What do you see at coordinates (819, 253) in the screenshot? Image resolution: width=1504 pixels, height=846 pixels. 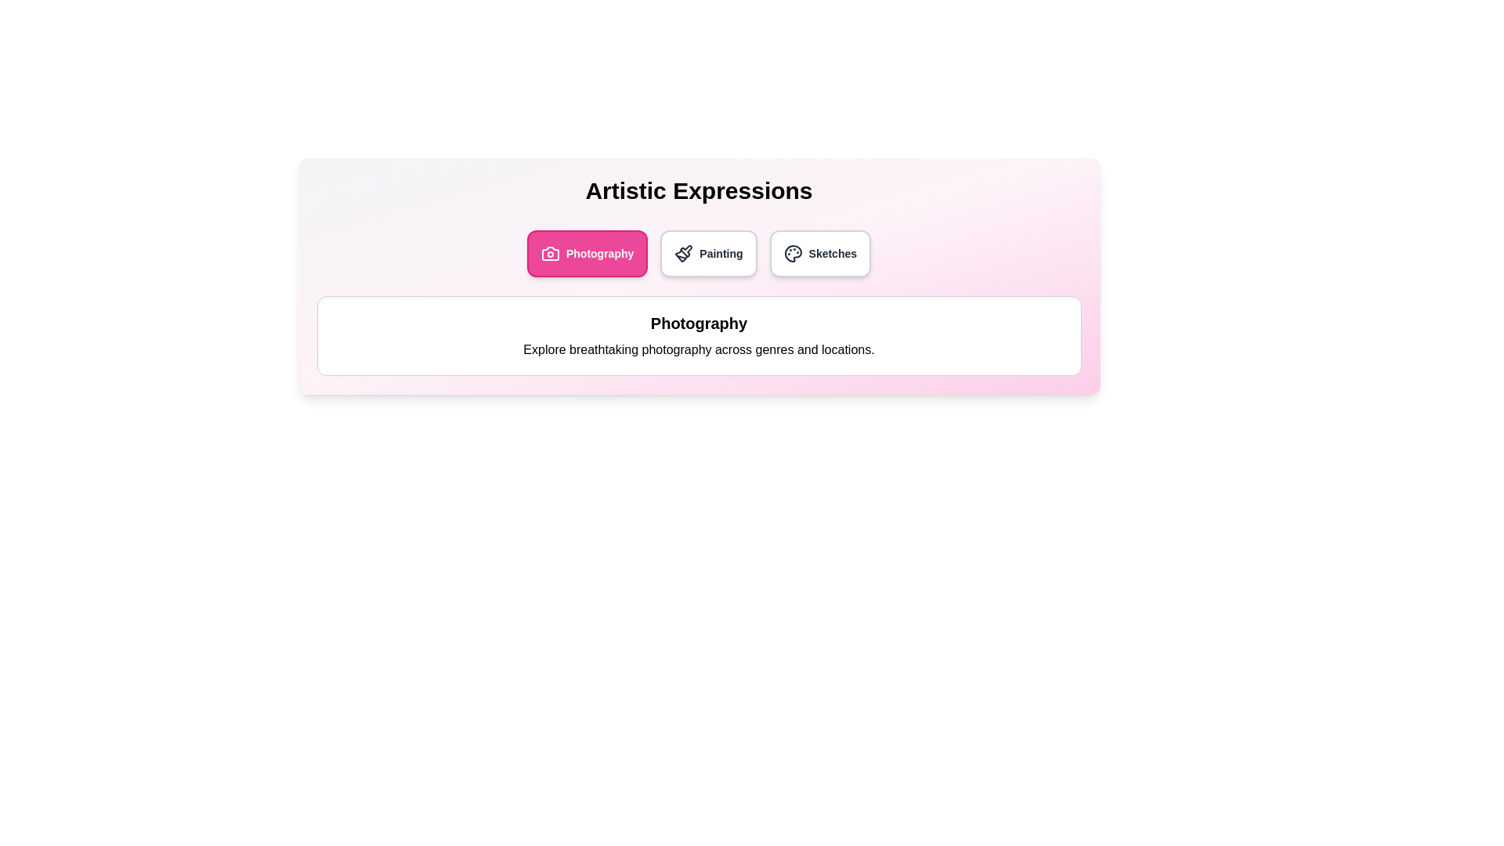 I see `the Sketches tab to view its content` at bounding box center [819, 253].